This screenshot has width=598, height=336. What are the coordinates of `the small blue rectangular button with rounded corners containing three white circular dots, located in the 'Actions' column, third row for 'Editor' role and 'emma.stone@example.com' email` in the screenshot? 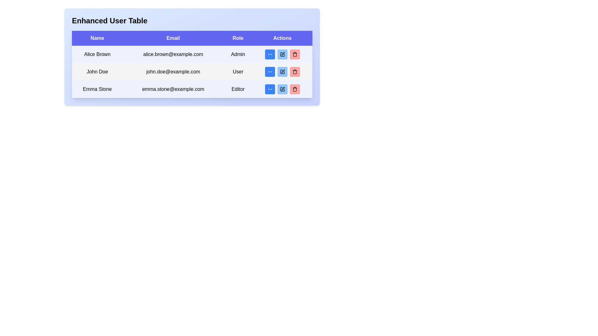 It's located at (270, 89).